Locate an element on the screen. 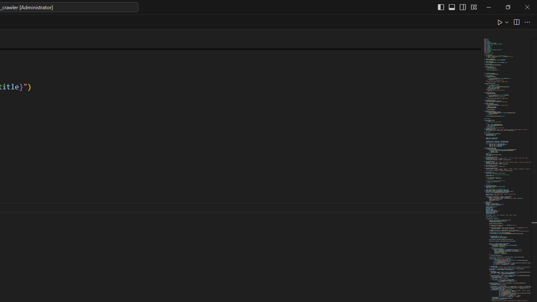  'Toggle Secondary Side Bar (Ctrl+Alt+B)' is located at coordinates (462, 7).